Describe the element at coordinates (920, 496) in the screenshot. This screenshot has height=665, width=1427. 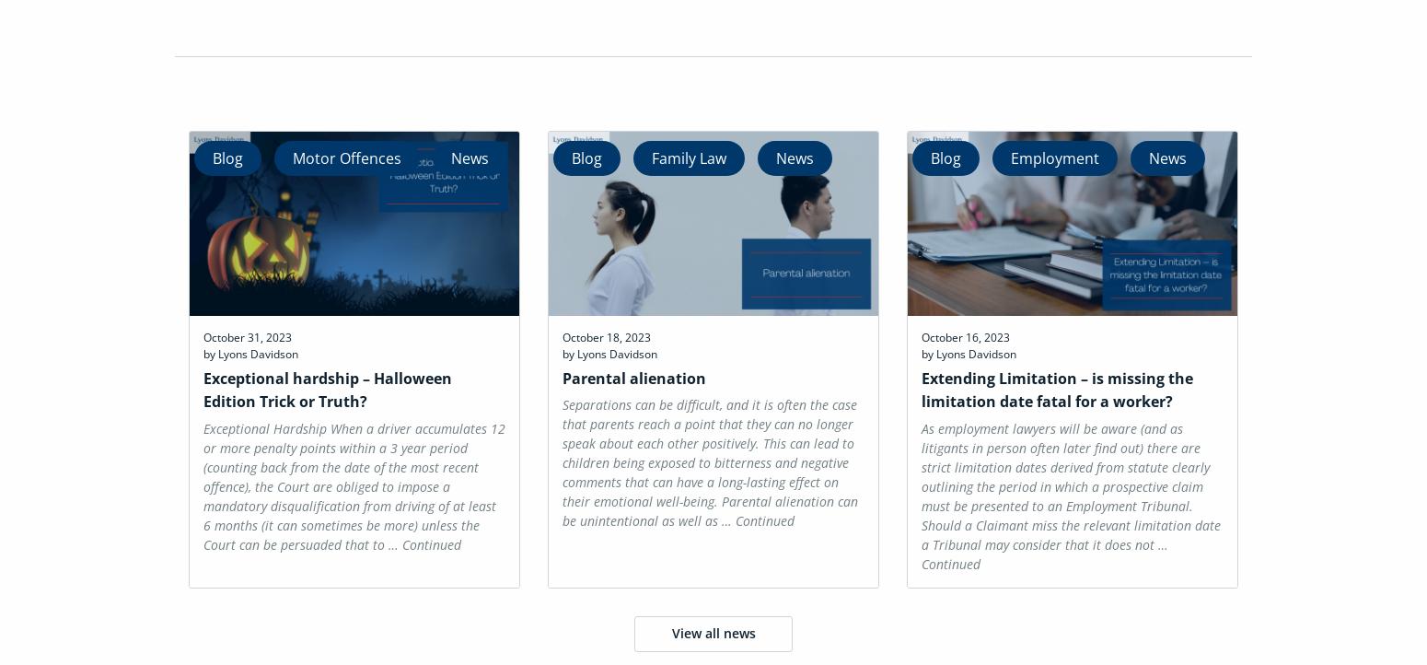
I see `'As employment lawyers will be aware (and as litigants in person often later find out) there are strict limitation dates derived from statute clearly outlining the period in which a prospective claim must be presented to an Employment Tribunal. Should a Claimant miss the relevant limitation date a Tribunal may consider that it does not … Continued'` at that location.